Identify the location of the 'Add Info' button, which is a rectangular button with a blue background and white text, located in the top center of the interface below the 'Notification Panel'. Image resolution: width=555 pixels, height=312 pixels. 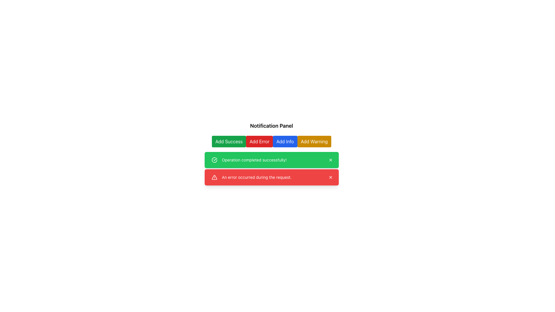
(285, 141).